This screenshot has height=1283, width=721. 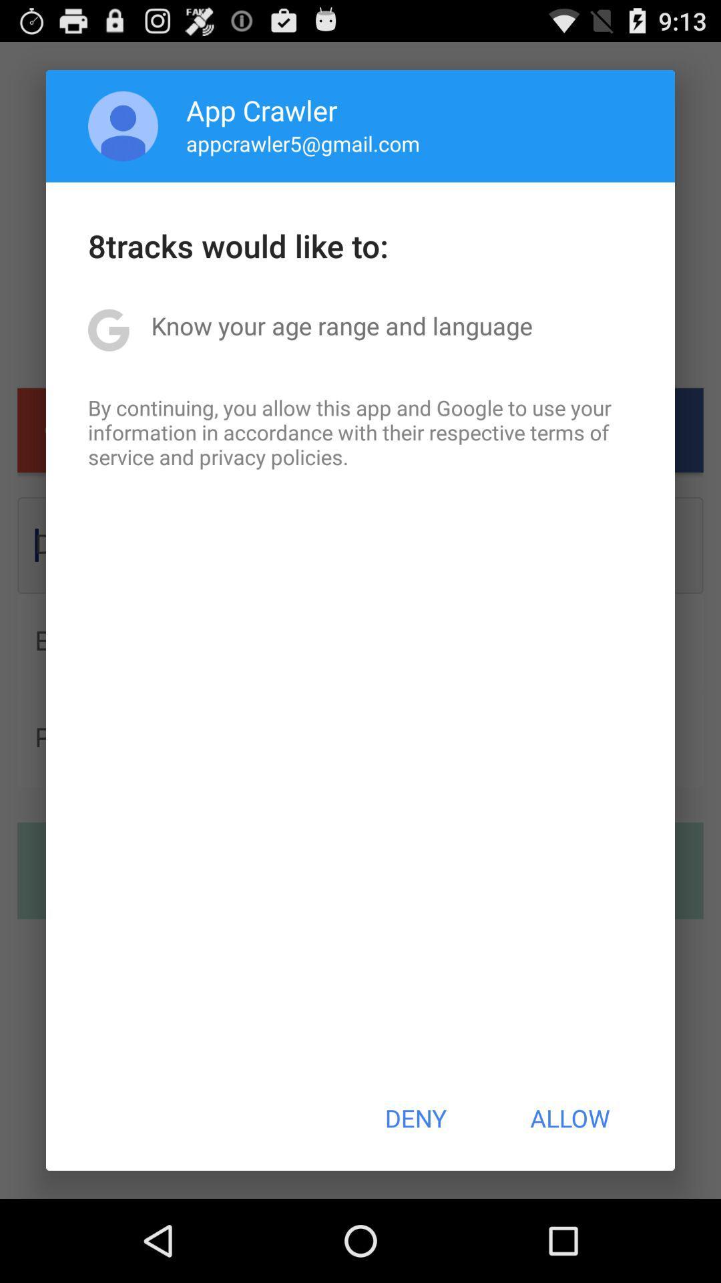 What do you see at coordinates (341, 325) in the screenshot?
I see `the know your age app` at bounding box center [341, 325].